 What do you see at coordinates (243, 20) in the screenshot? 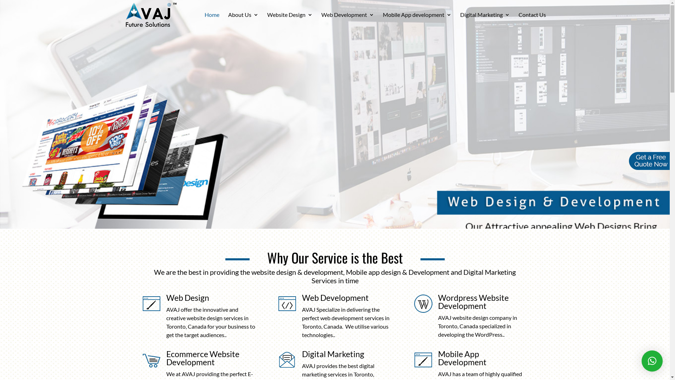
I see `'About Us'` at bounding box center [243, 20].